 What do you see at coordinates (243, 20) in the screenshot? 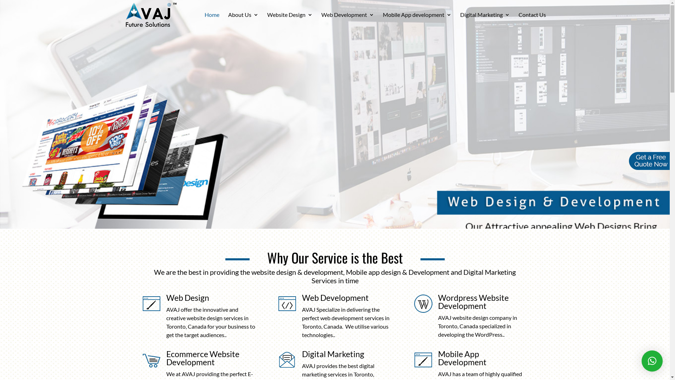
I see `'About Us'` at bounding box center [243, 20].